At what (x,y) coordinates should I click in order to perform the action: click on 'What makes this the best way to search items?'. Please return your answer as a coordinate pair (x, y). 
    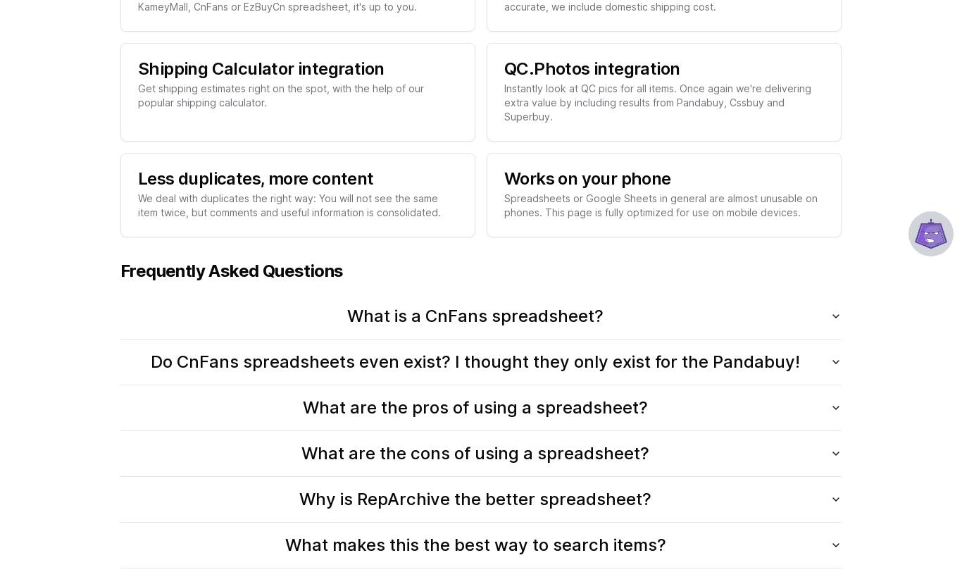
    Looking at the image, I should click on (474, 544).